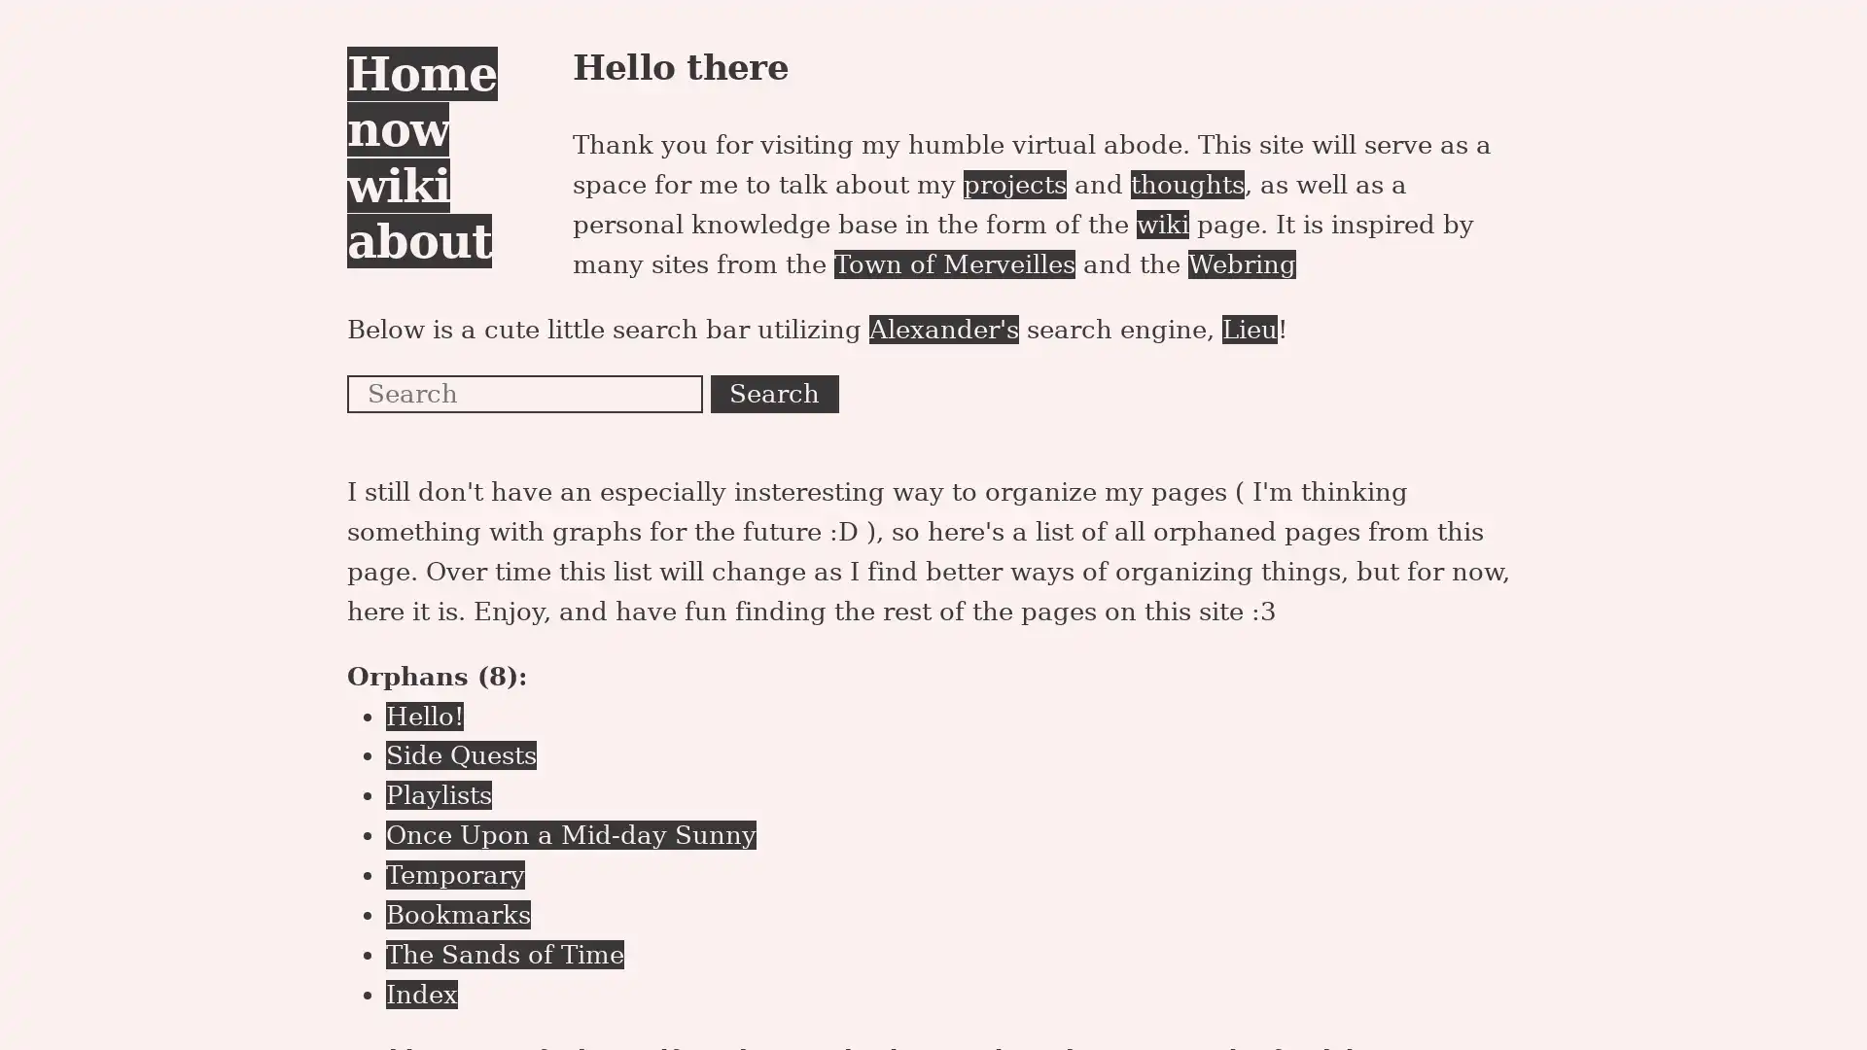 The image size is (1867, 1050). What do you see at coordinates (773, 394) in the screenshot?
I see `Search` at bounding box center [773, 394].